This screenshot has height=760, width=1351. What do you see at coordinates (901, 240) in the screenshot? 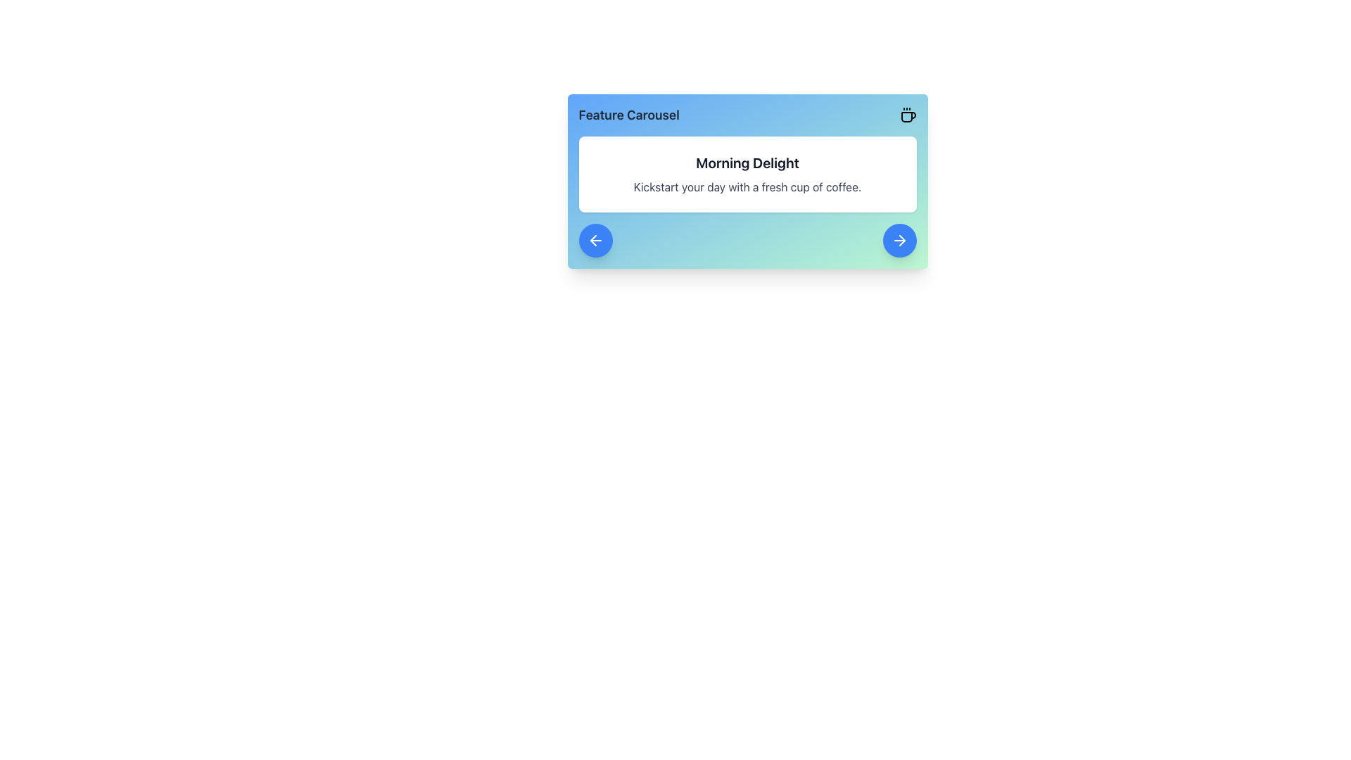
I see `the right-pointing chevron icon located inside the circular button on the right side of the interface's main content area` at bounding box center [901, 240].